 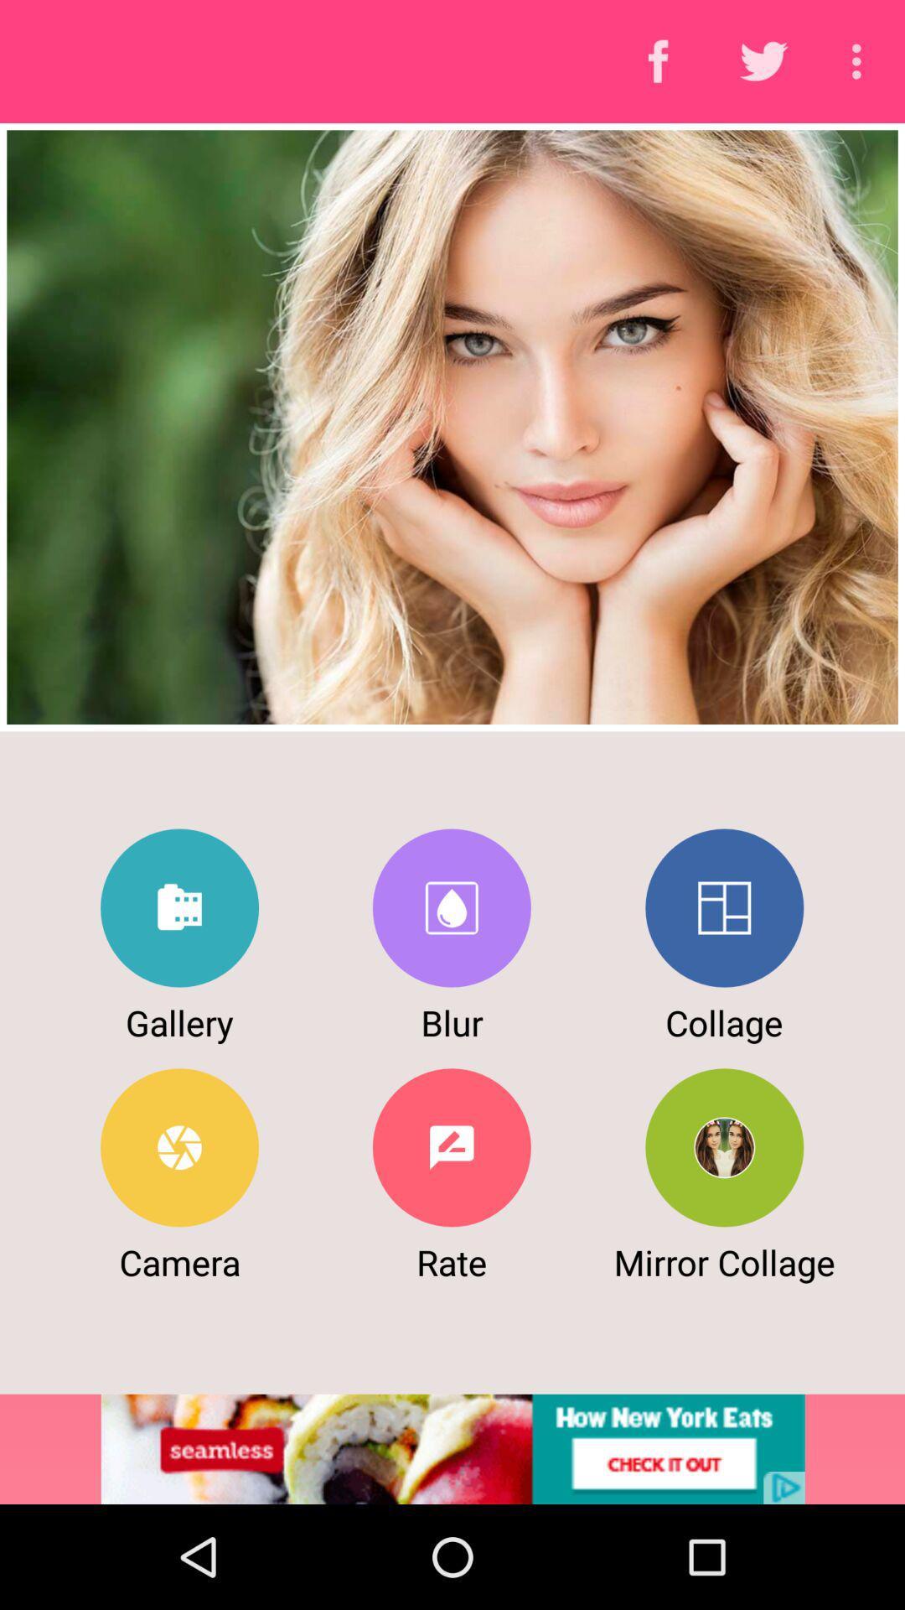 I want to click on gallery, so click(x=179, y=907).